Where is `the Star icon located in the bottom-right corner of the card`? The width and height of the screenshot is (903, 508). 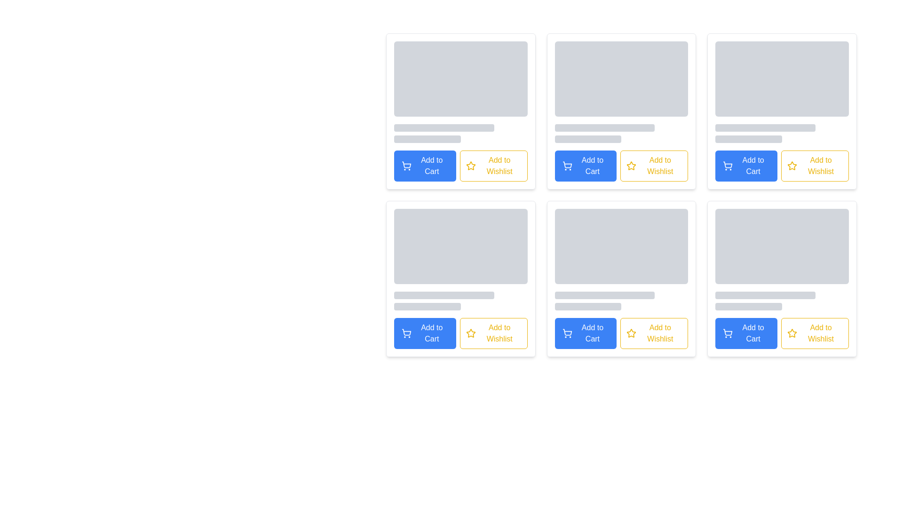
the Star icon located in the bottom-right corner of the card is located at coordinates (631, 165).